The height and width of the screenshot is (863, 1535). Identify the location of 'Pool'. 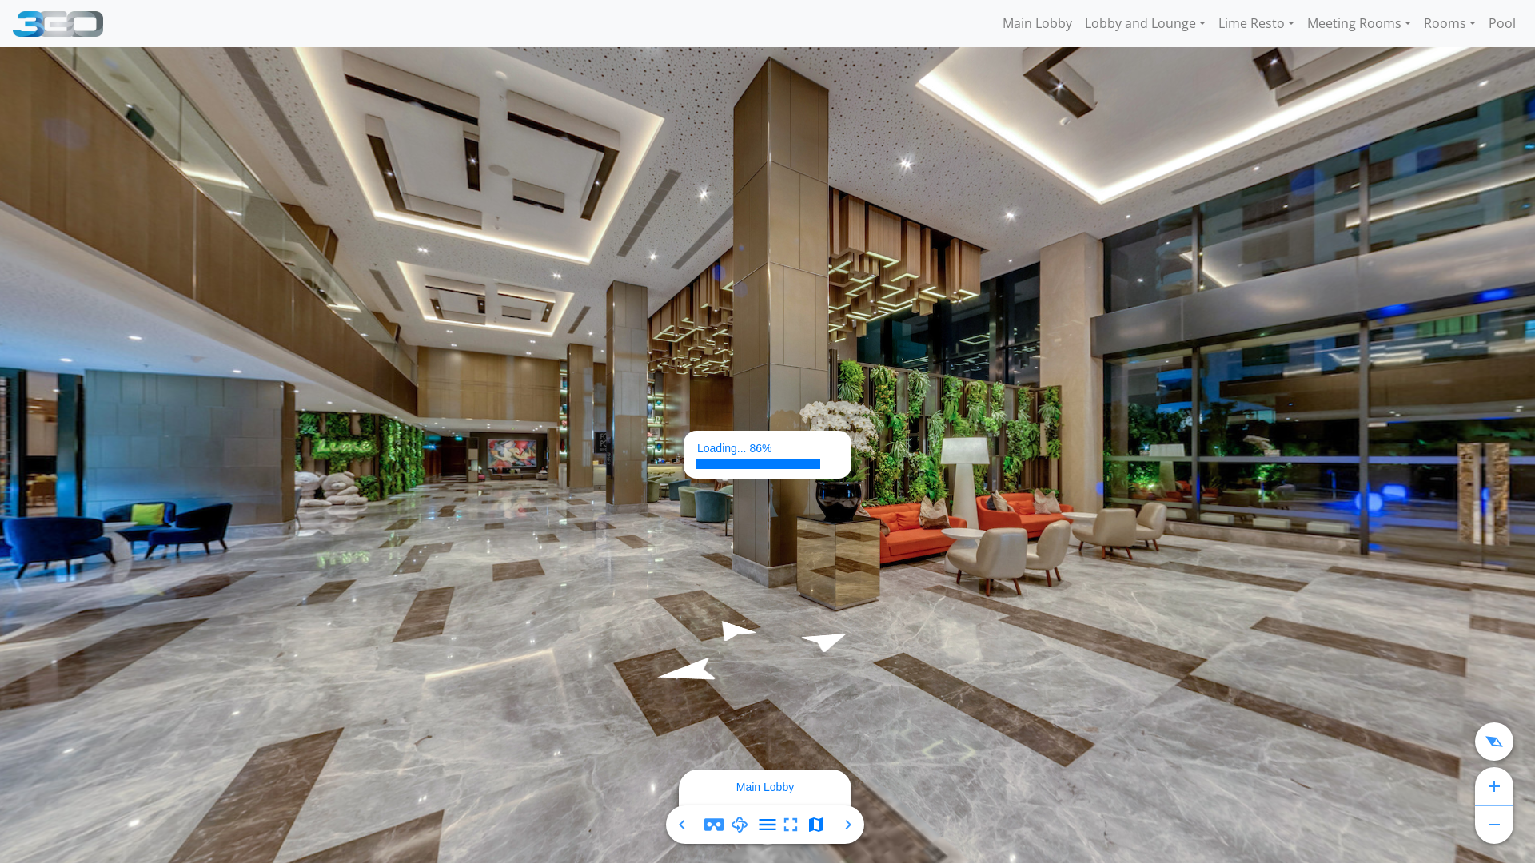
(1501, 23).